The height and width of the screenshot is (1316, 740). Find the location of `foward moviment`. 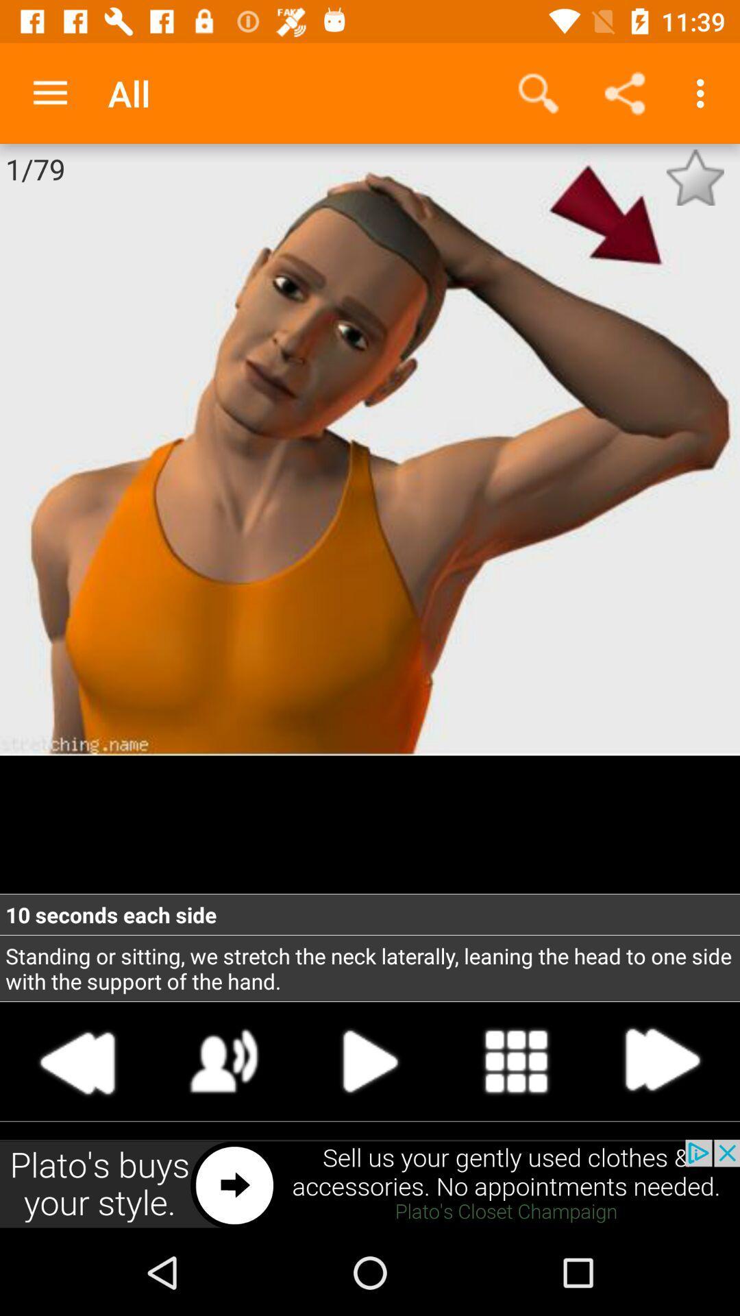

foward moviment is located at coordinates (661, 1060).